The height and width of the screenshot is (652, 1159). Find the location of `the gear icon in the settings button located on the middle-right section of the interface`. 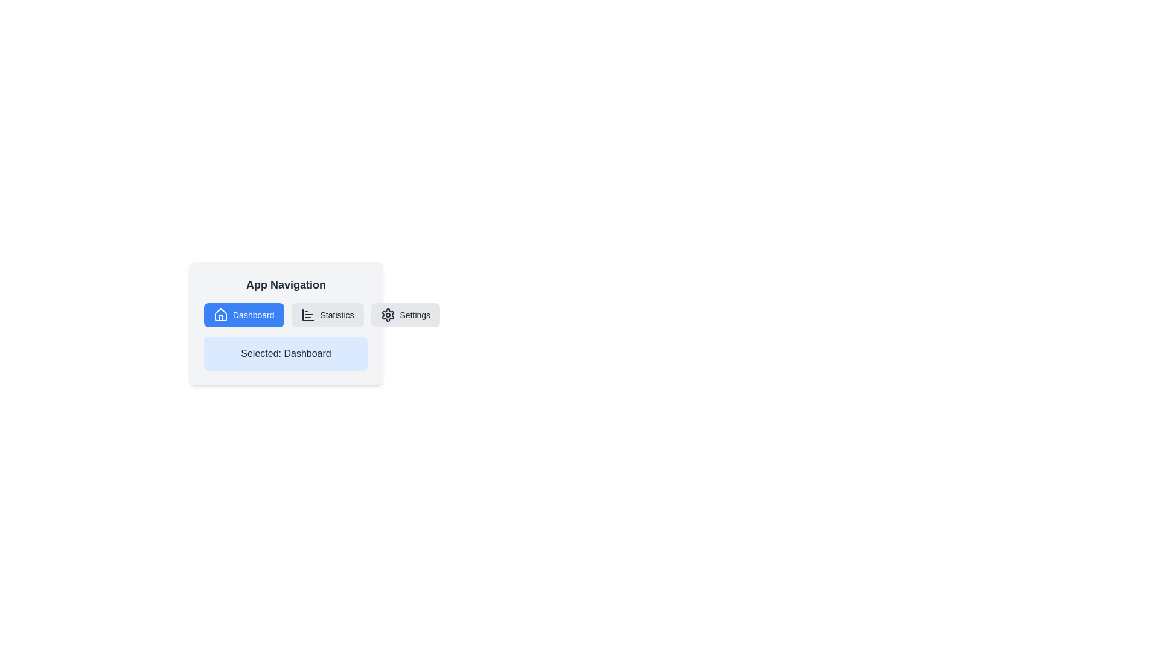

the gear icon in the settings button located on the middle-right section of the interface is located at coordinates (388, 314).